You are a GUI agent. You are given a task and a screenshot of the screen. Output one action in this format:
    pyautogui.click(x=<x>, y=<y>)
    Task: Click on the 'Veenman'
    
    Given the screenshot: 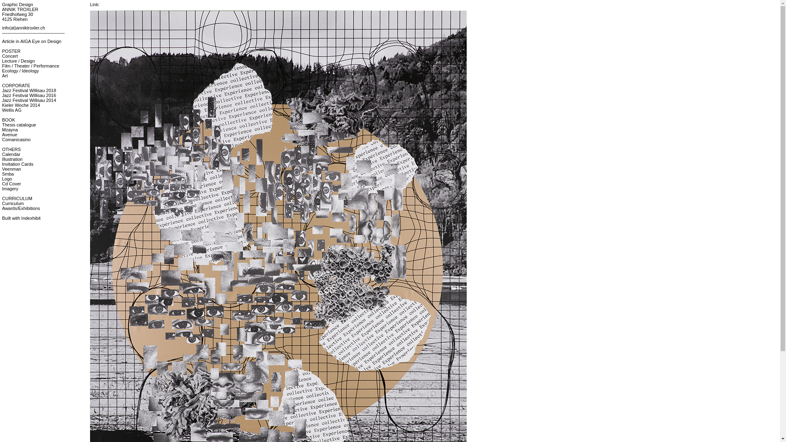 What is the action you would take?
    pyautogui.click(x=11, y=168)
    